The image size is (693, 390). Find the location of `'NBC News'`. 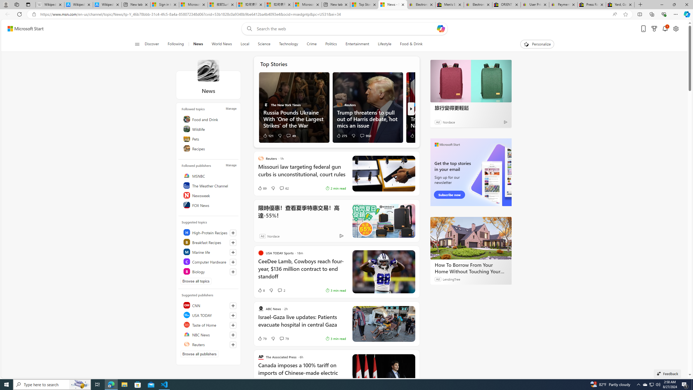

'NBC News' is located at coordinates (209, 334).